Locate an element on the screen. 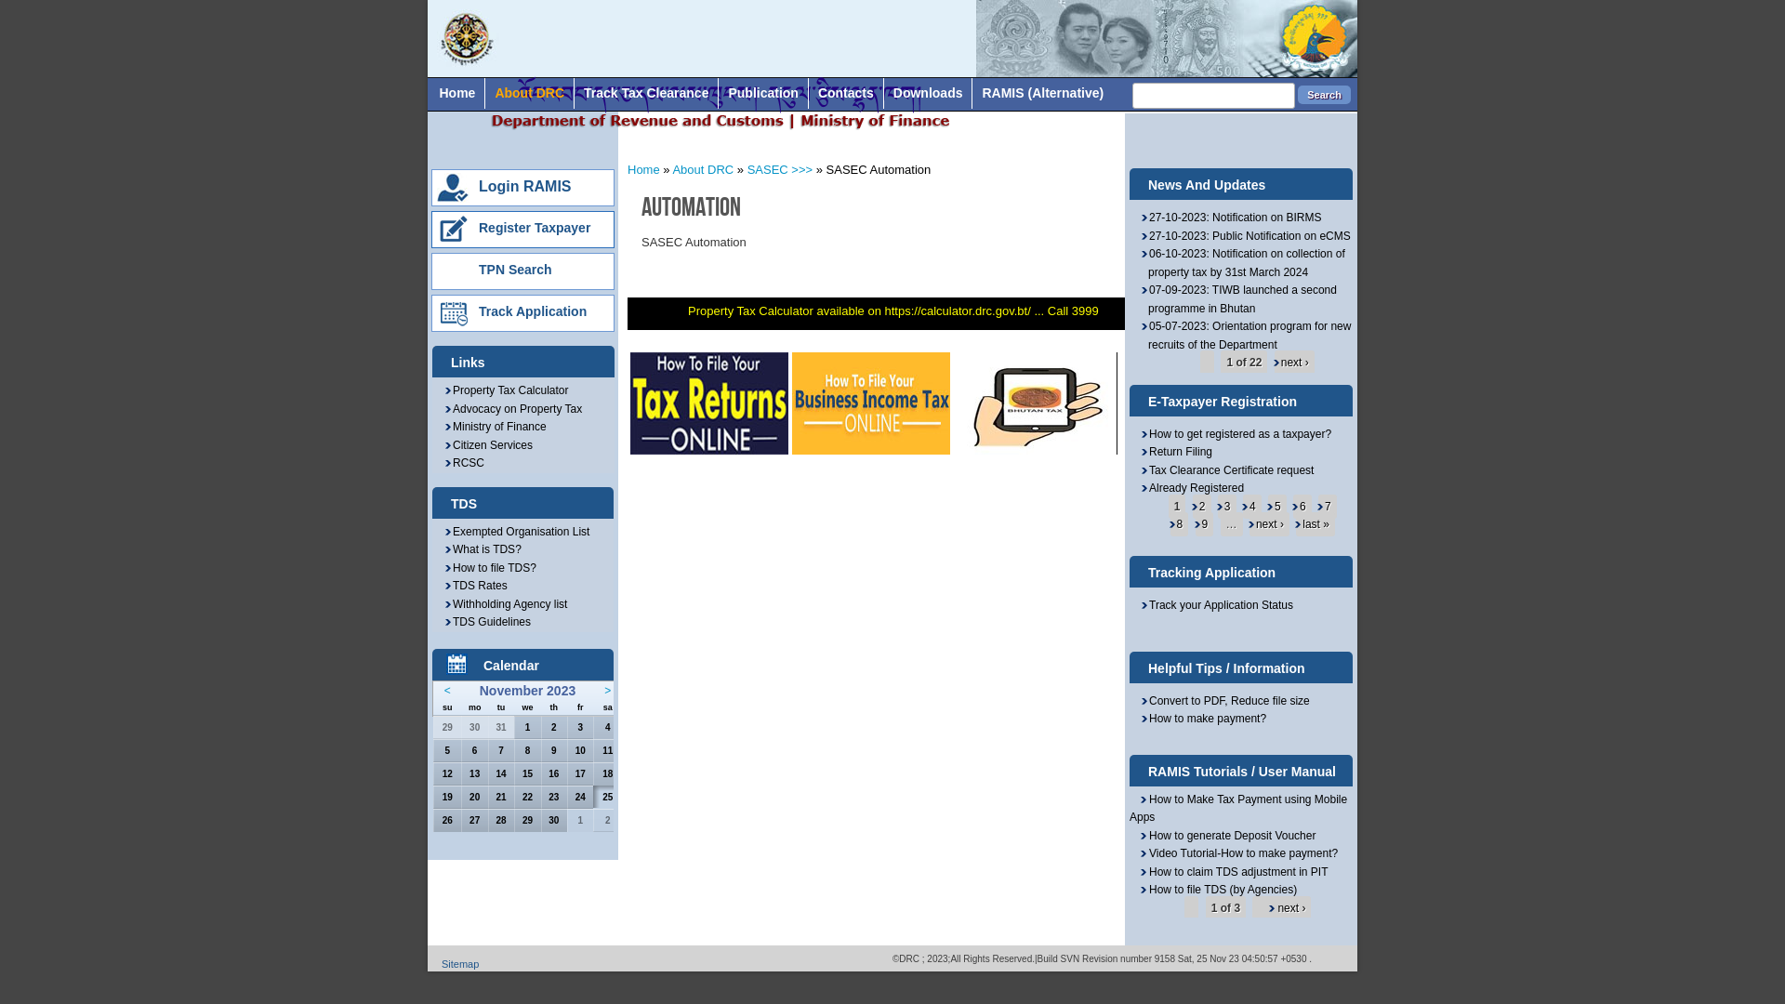  'Downloads' is located at coordinates (882, 93).